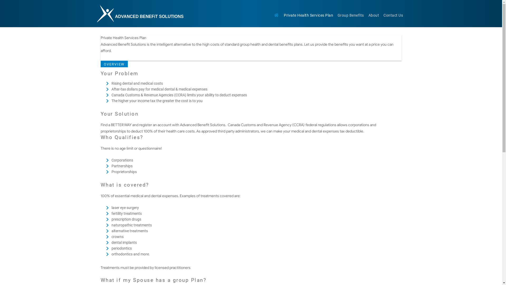 This screenshot has width=506, height=285. What do you see at coordinates (309, 16) in the screenshot?
I see `'Private Health Services Plan'` at bounding box center [309, 16].